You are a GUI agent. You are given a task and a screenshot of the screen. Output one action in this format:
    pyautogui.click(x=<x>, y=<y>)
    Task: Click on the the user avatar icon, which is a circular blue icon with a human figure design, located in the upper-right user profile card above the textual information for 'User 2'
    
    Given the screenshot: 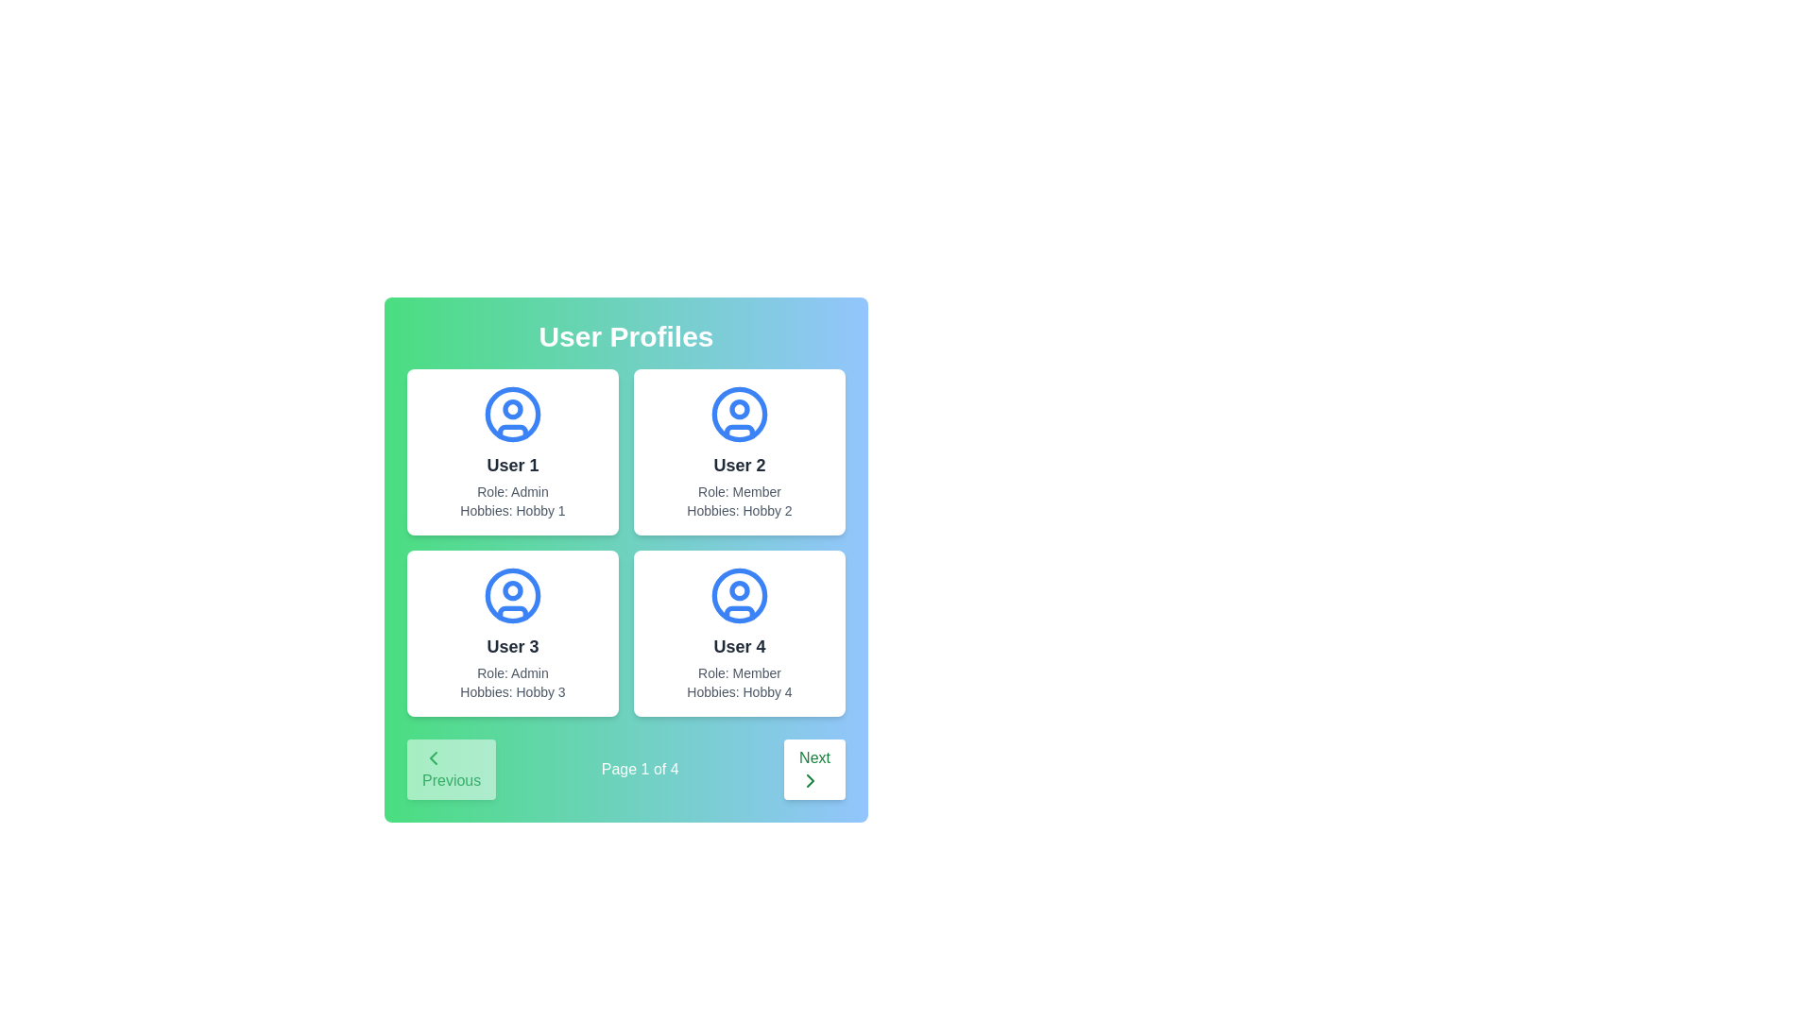 What is the action you would take?
    pyautogui.click(x=738, y=414)
    